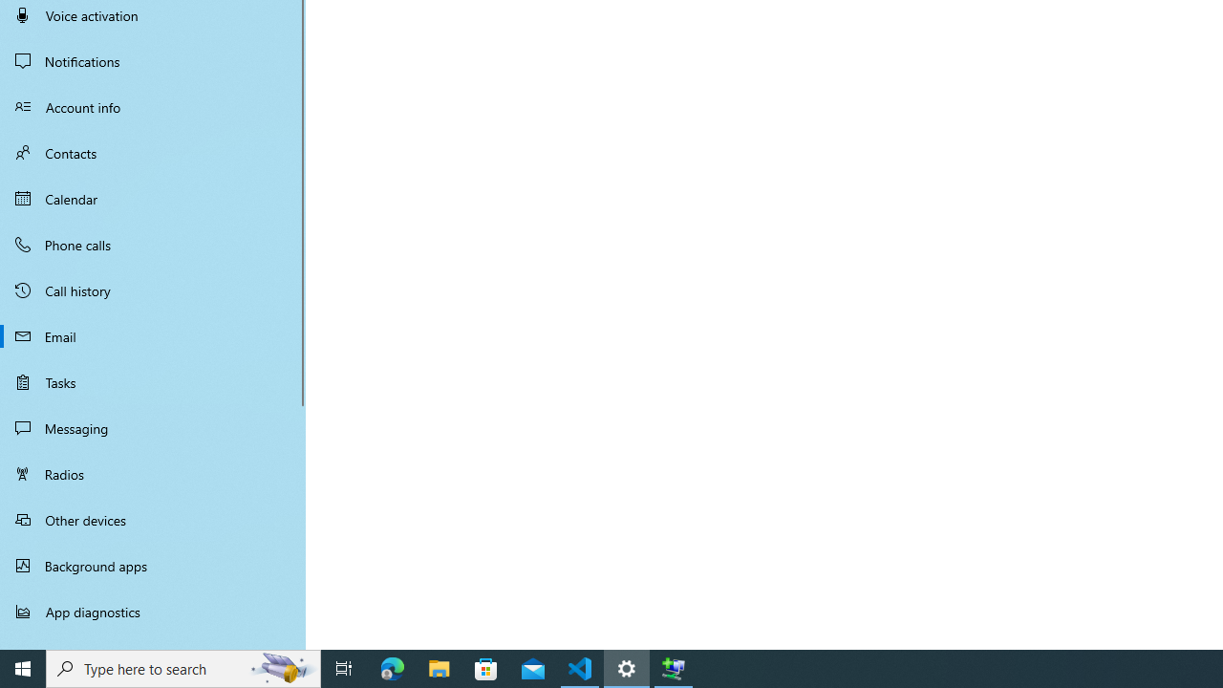 The width and height of the screenshot is (1223, 688). What do you see at coordinates (579, 667) in the screenshot?
I see `'Visual Studio Code - 1 running window'` at bounding box center [579, 667].